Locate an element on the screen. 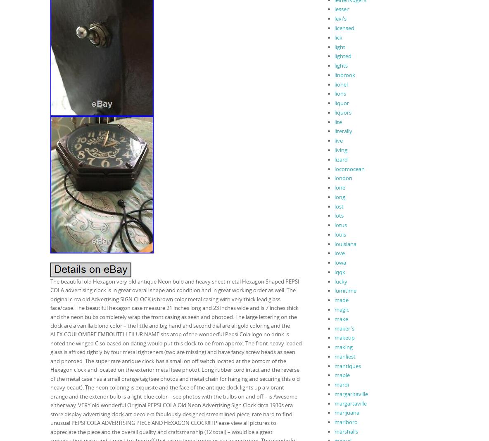 This screenshot has height=441, width=489. 'lost' is located at coordinates (334, 206).